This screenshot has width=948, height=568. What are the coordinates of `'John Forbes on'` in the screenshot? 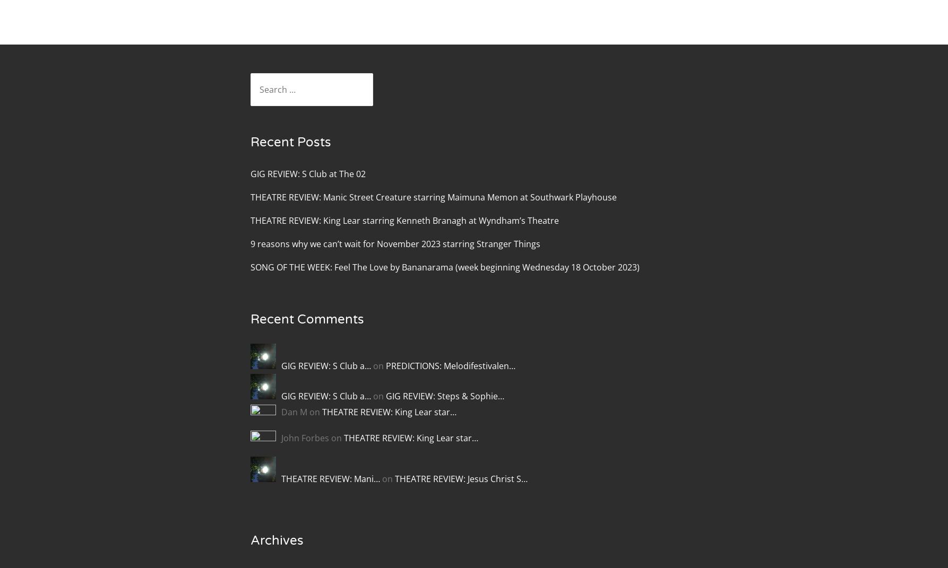 It's located at (311, 437).